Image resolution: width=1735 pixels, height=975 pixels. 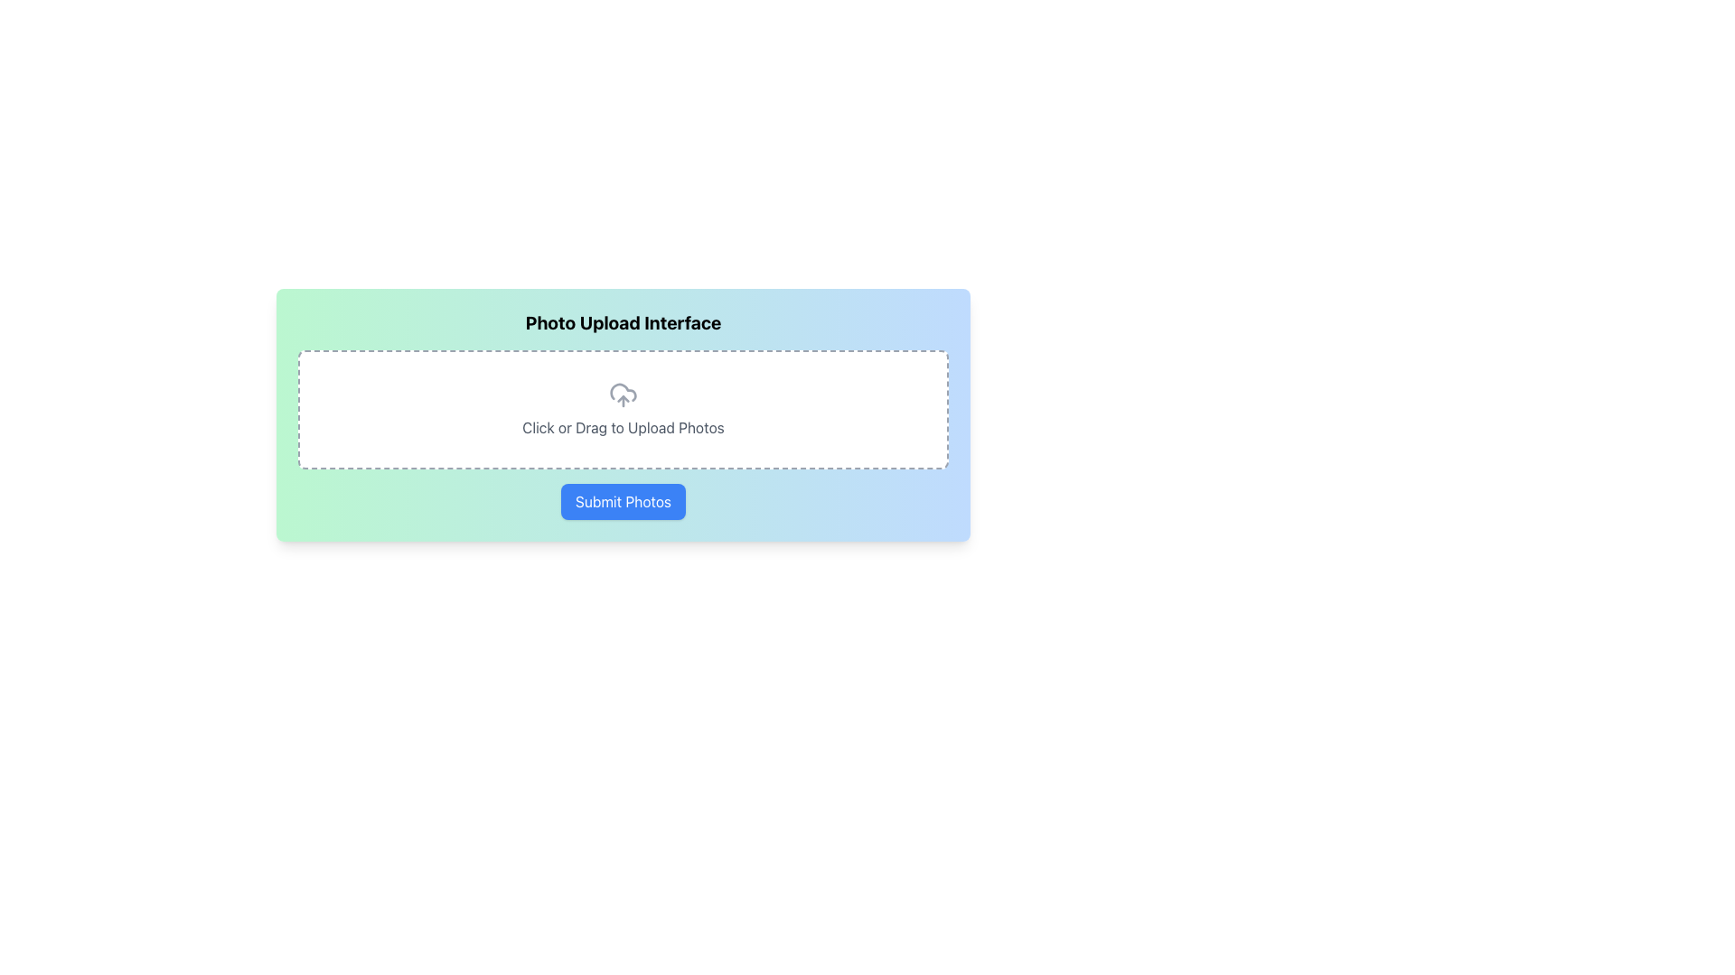 I want to click on the file upload drop area located below the 'Photo Upload Interface' title and above the 'Submit Photos' button, so click(x=624, y=410).